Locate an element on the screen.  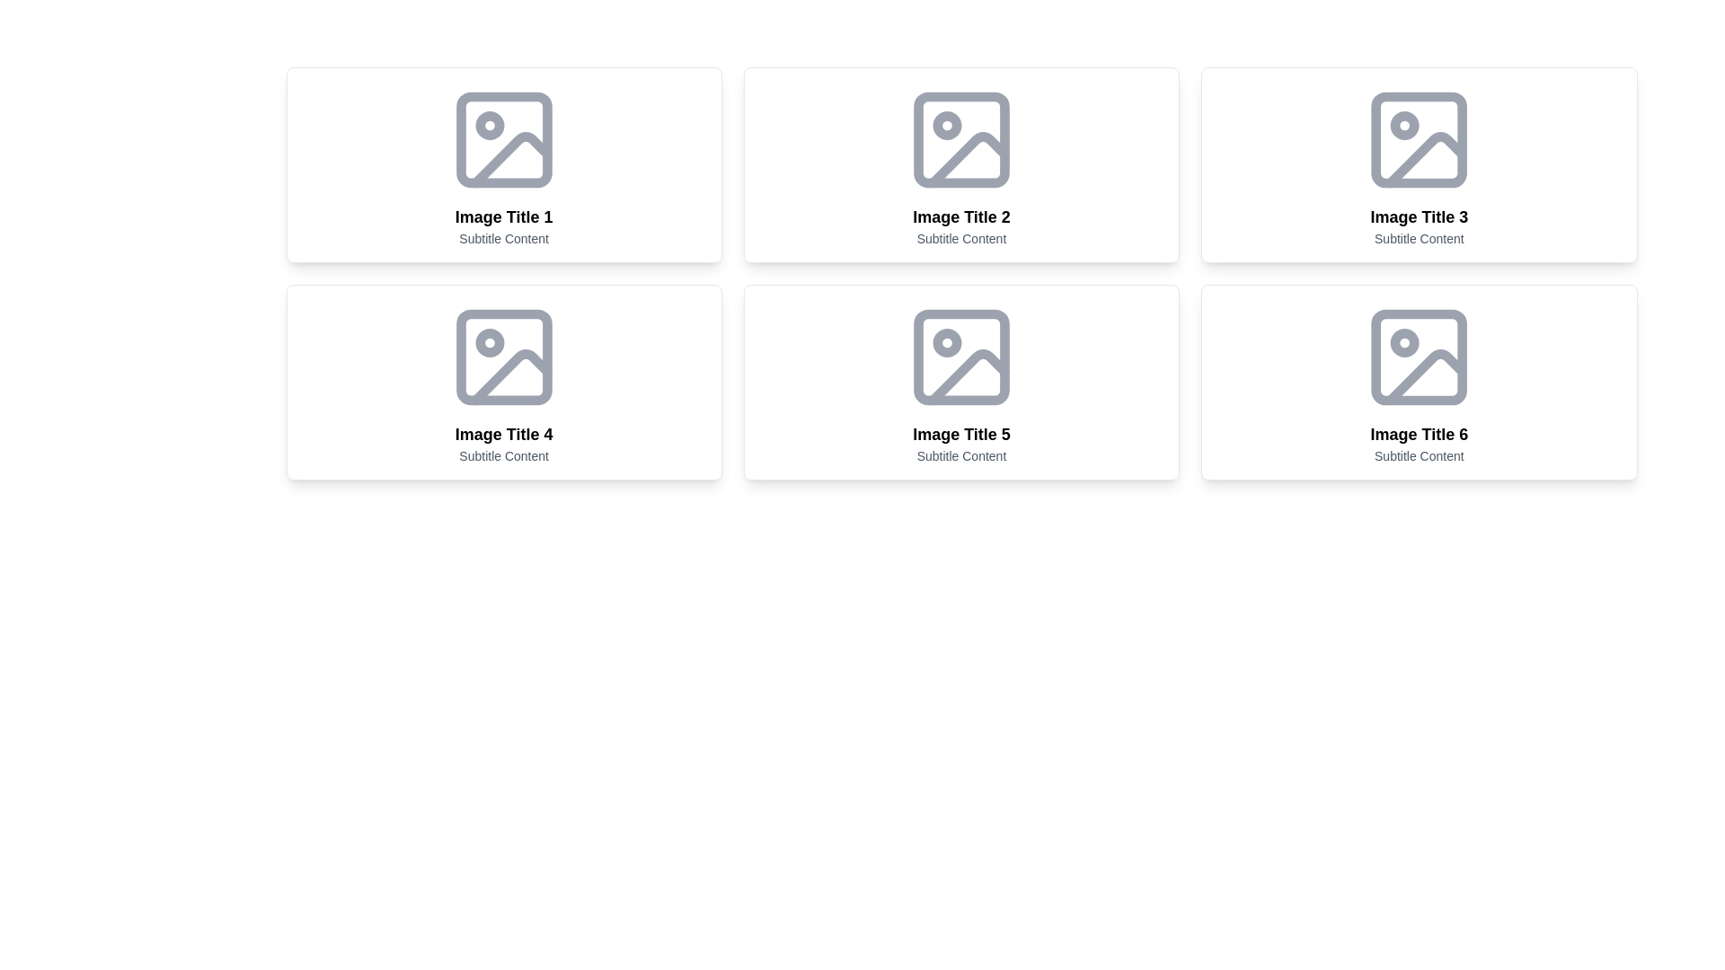
the top-left card in a 3-column grid layout, which features an image placeholder, bold text 'Image Title 1', and subtitle 'Subtitle Content' is located at coordinates (503, 165).